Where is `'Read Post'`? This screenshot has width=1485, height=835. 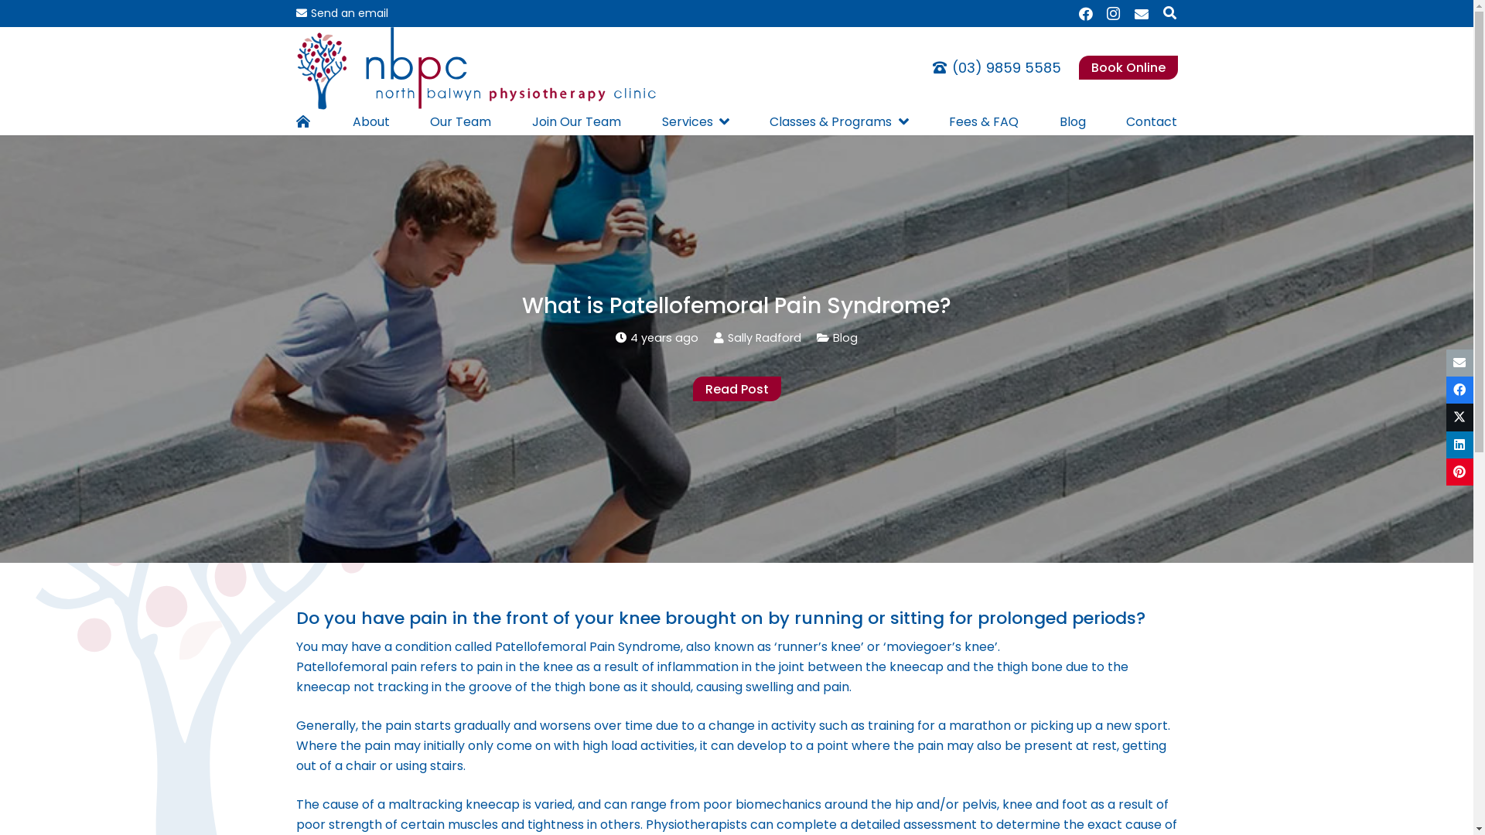
'Read Post' is located at coordinates (736, 387).